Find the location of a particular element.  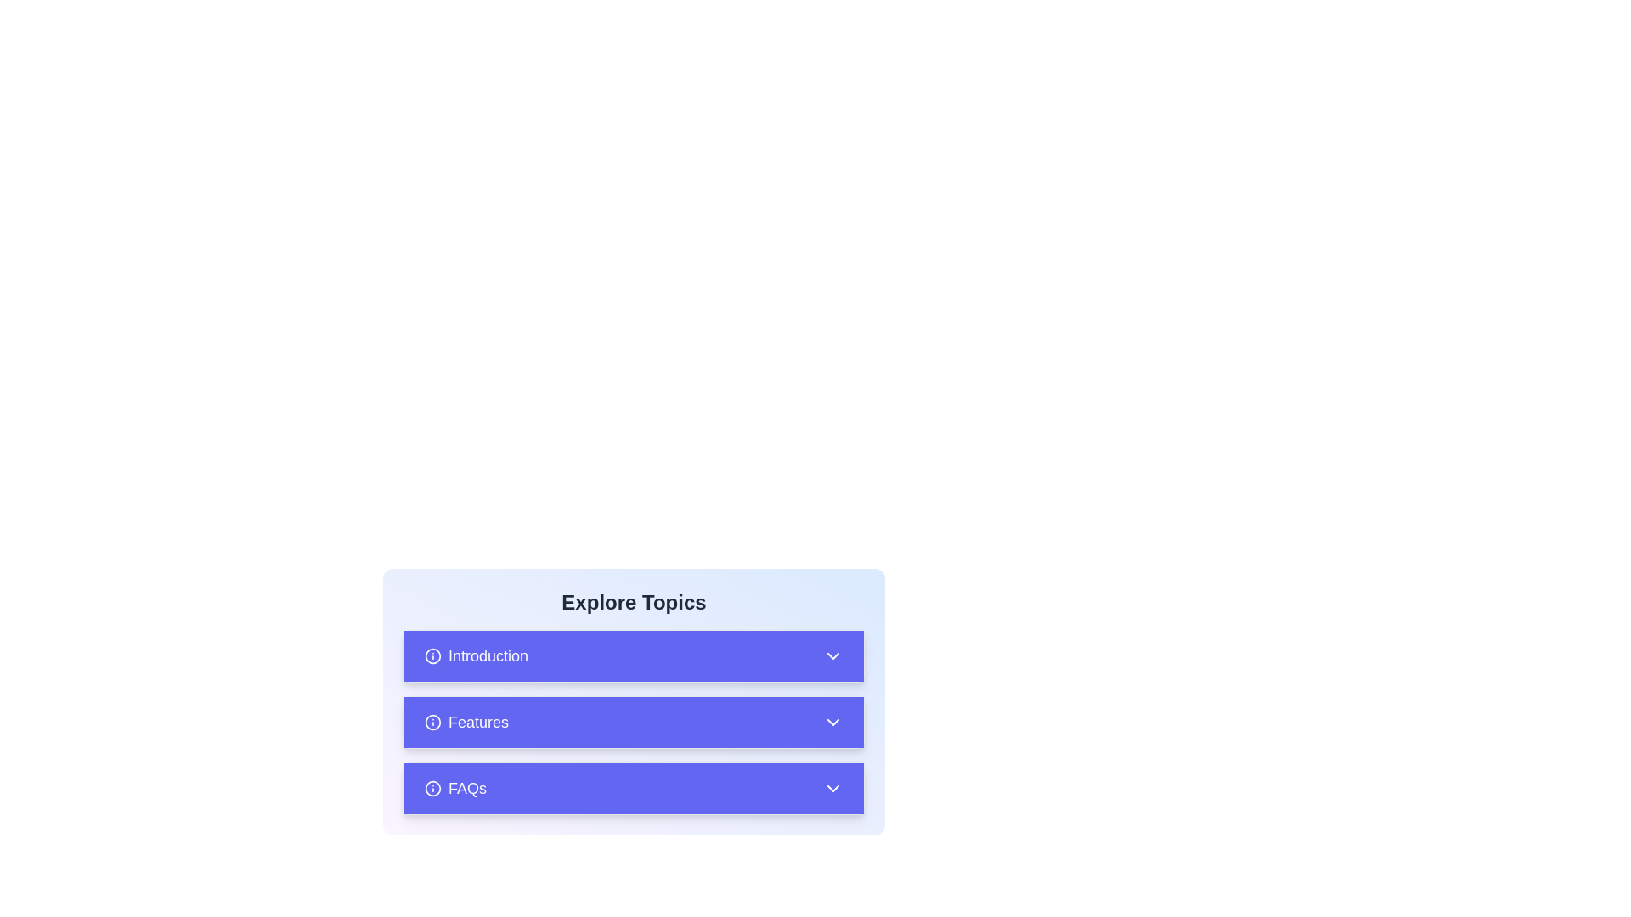

the FAQ information icon located to the left of the 'FAQs' text is located at coordinates (432, 789).